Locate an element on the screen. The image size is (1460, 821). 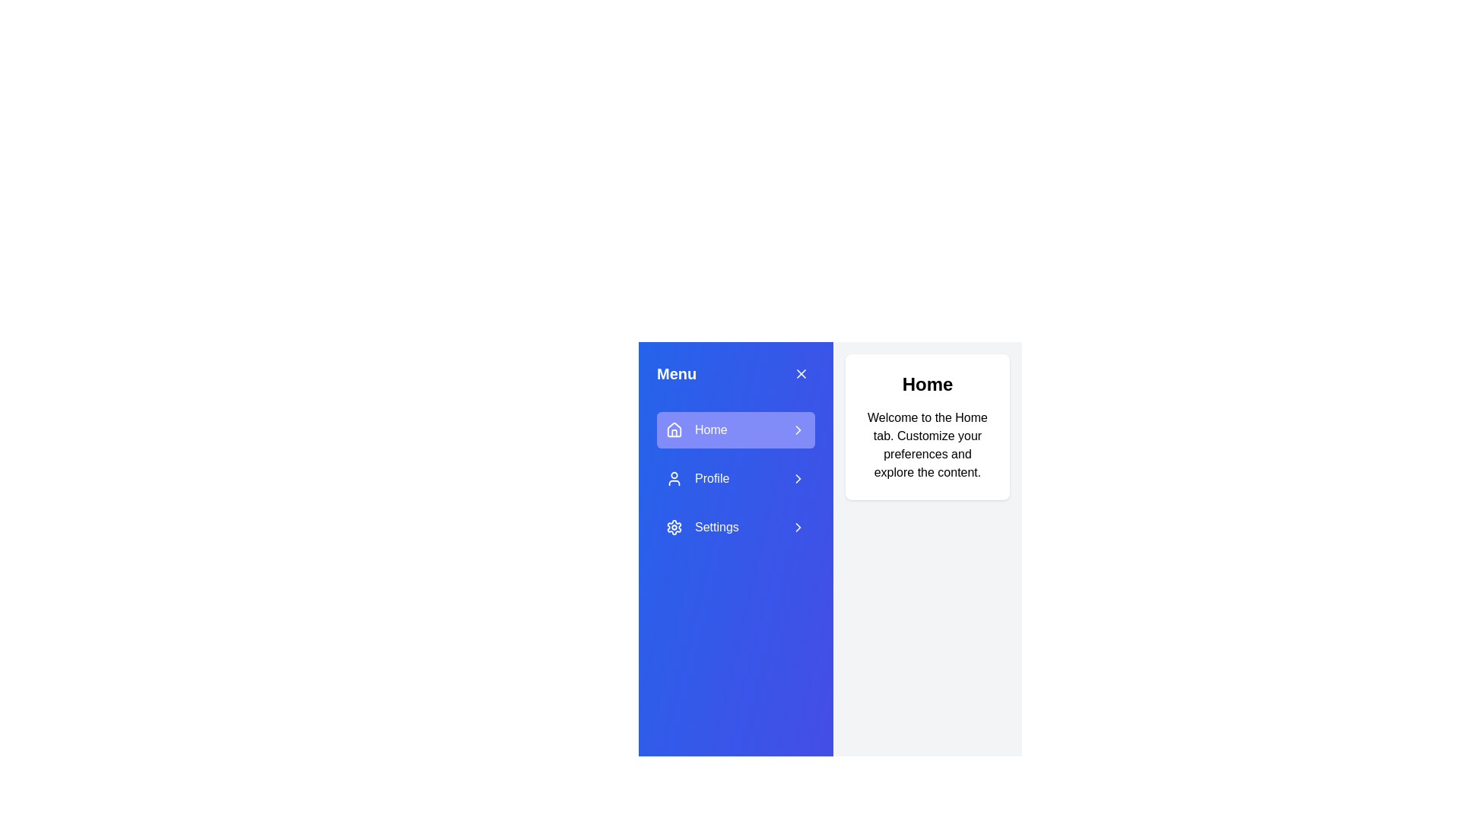
the 'Home' icon located in the left sidebar navigation menu, which visually represents the 'Home' functionality is located at coordinates (674, 430).